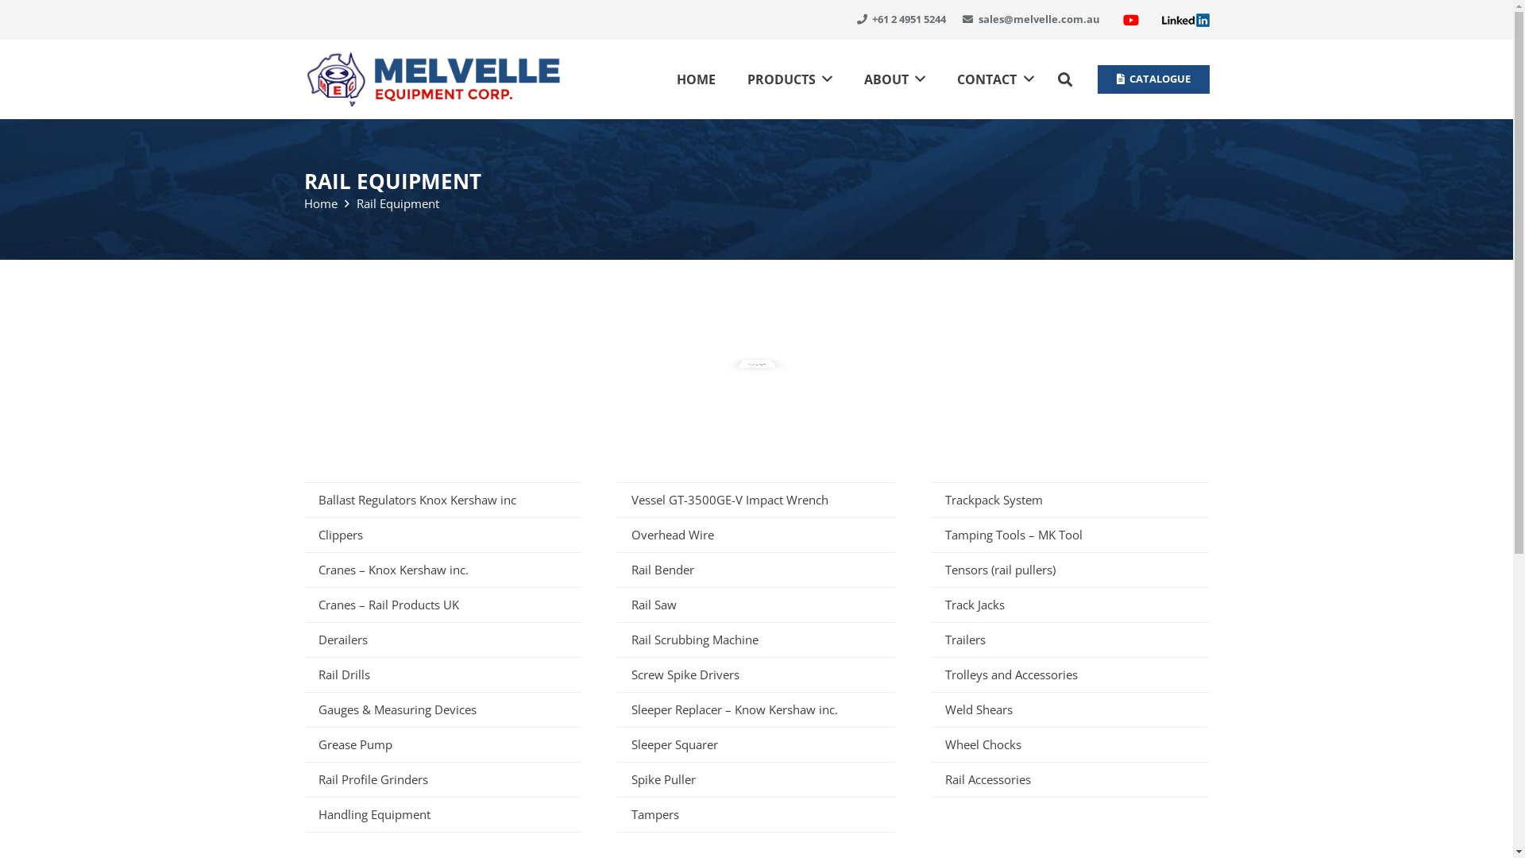  Describe the element at coordinates (442, 674) in the screenshot. I see `'Rail Drills'` at that location.